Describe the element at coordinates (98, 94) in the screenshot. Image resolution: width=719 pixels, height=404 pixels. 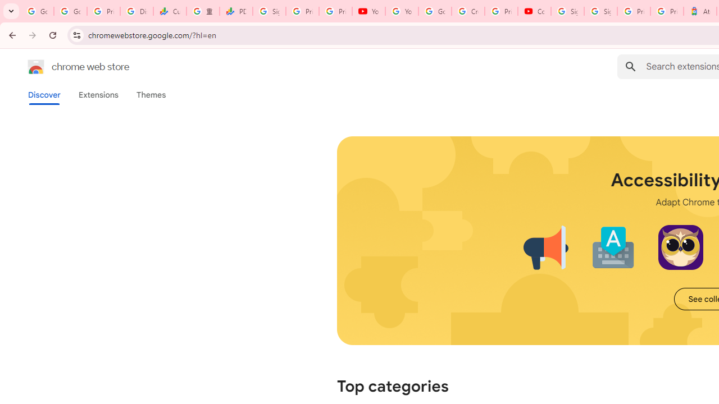
I see `'Extensions'` at that location.